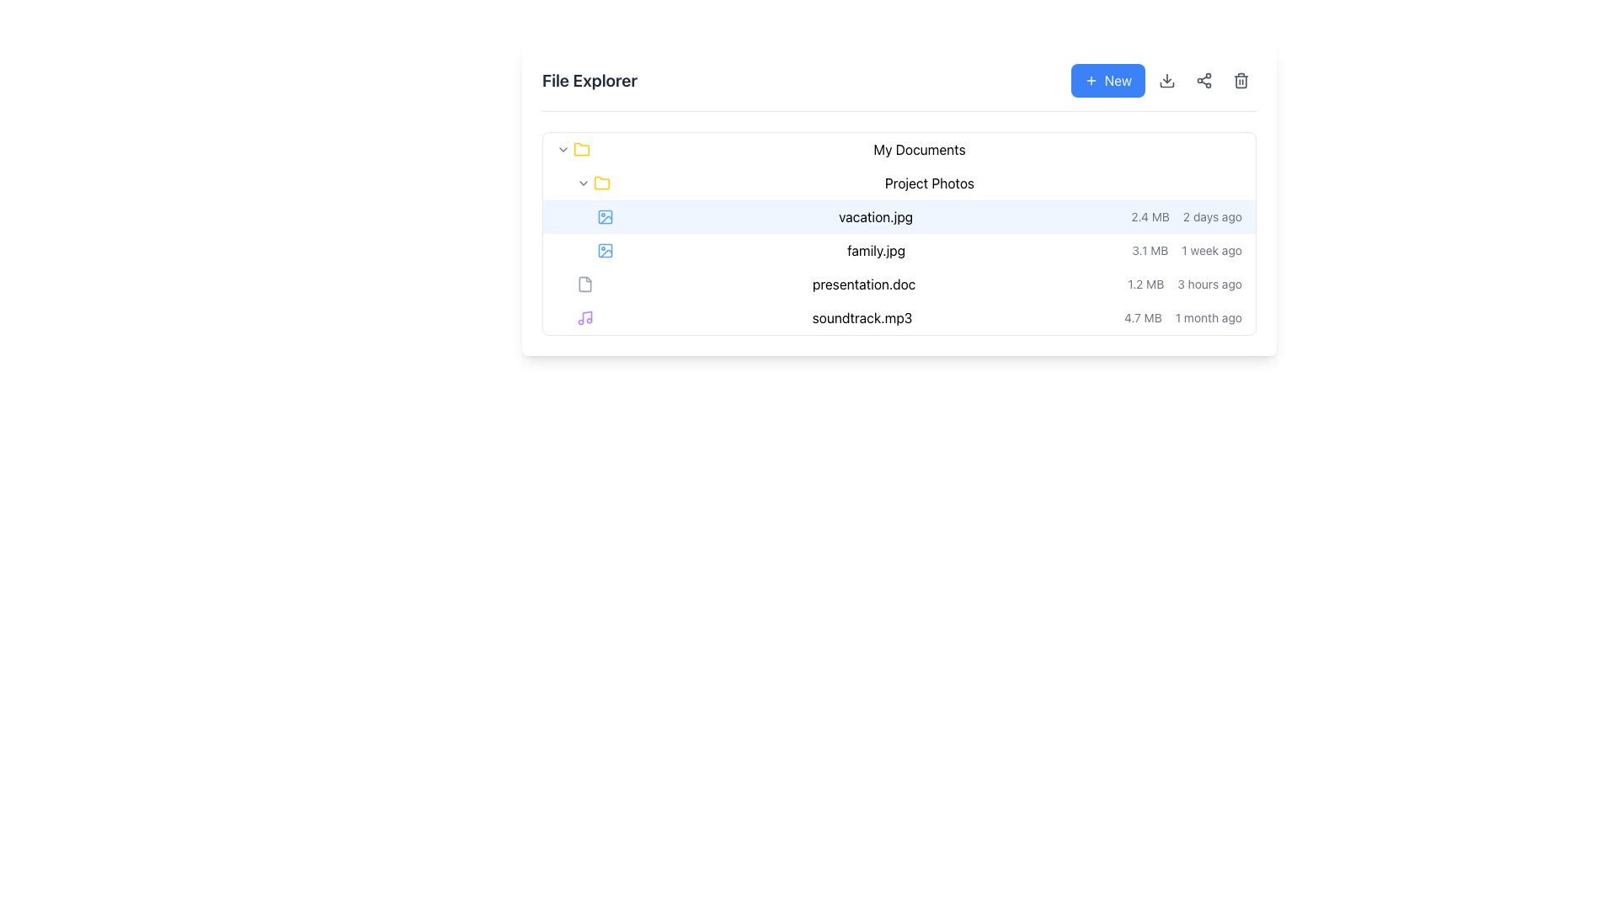  Describe the element at coordinates (585, 318) in the screenshot. I see `the small purple music note icon located to the left of the file name 'soundtrack.mp3' in the file list` at that location.